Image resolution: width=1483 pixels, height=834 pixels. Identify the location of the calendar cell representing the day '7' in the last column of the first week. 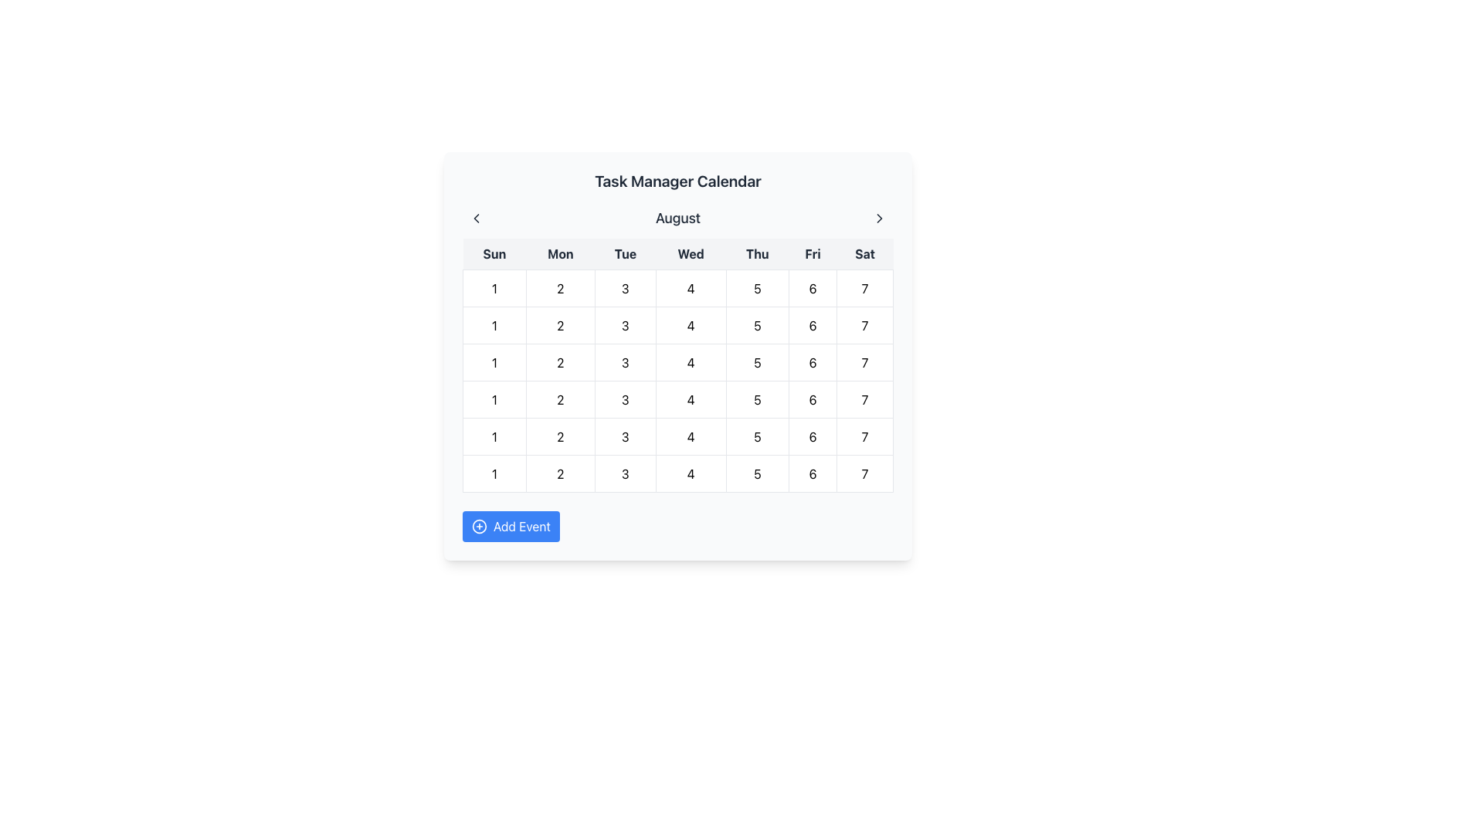
(864, 324).